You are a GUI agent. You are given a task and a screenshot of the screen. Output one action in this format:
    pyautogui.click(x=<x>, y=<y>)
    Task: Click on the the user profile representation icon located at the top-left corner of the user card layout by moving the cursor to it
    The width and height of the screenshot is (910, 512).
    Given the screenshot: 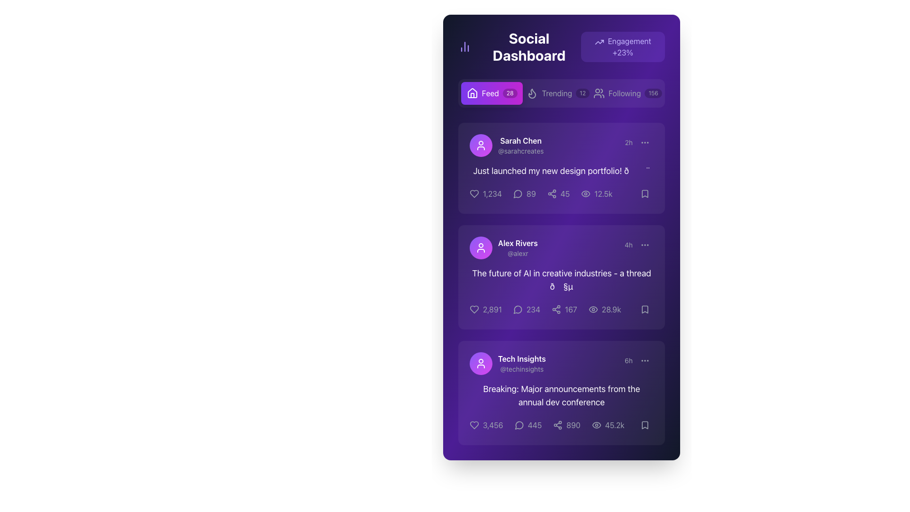 What is the action you would take?
    pyautogui.click(x=481, y=247)
    